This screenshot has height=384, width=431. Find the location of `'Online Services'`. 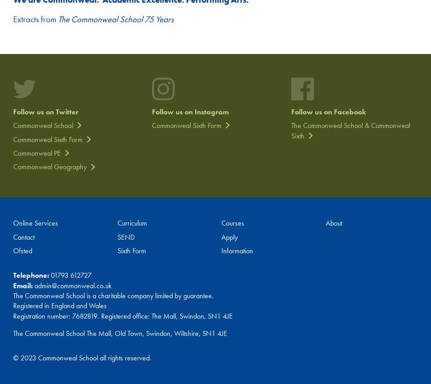

'Online Services' is located at coordinates (13, 222).